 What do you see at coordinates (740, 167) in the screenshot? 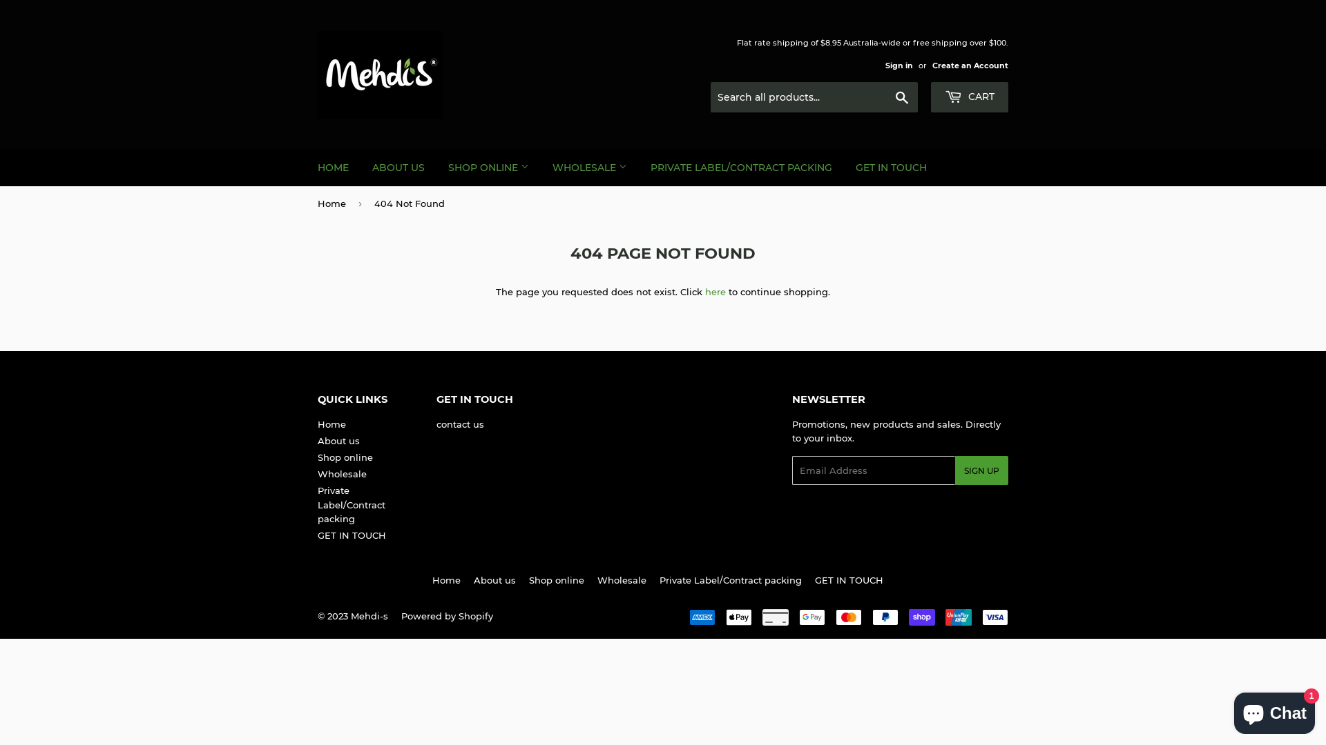
I see `'PRIVATE LABEL/CONTRACT PACKING'` at bounding box center [740, 167].